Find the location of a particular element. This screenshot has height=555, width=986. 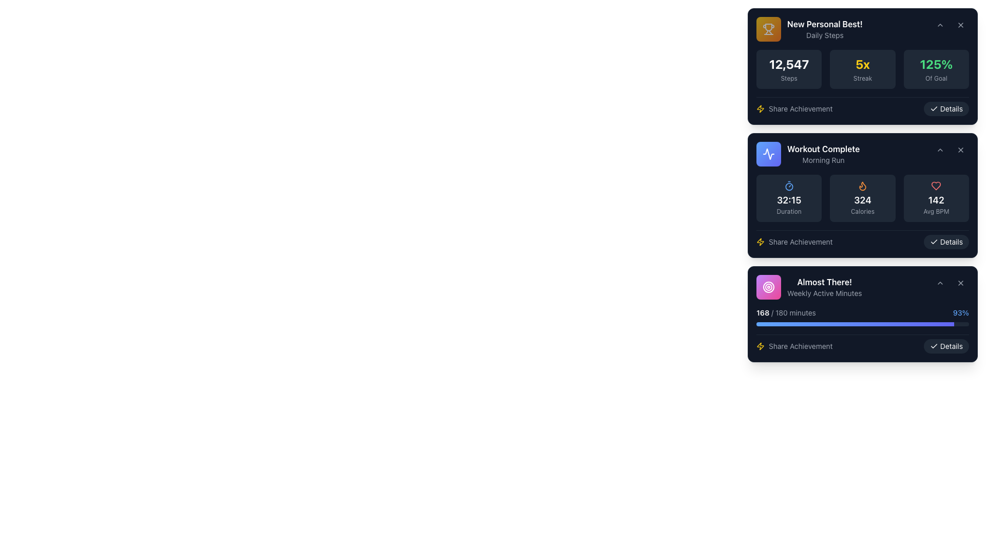

fitness statistics displayed in the Information display section located within the 'New Personal Best!' card, specifically in the metrics section just below the header is located at coordinates (863, 82).